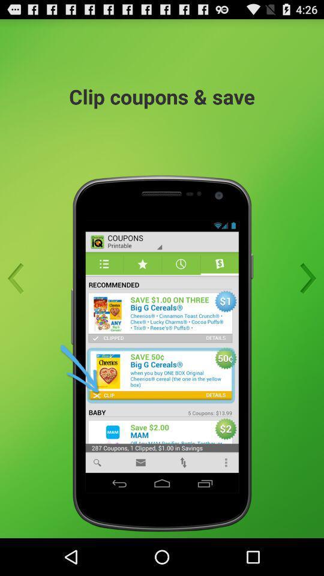 The width and height of the screenshot is (324, 576). Describe the element at coordinates (19, 278) in the screenshot. I see `back` at that location.